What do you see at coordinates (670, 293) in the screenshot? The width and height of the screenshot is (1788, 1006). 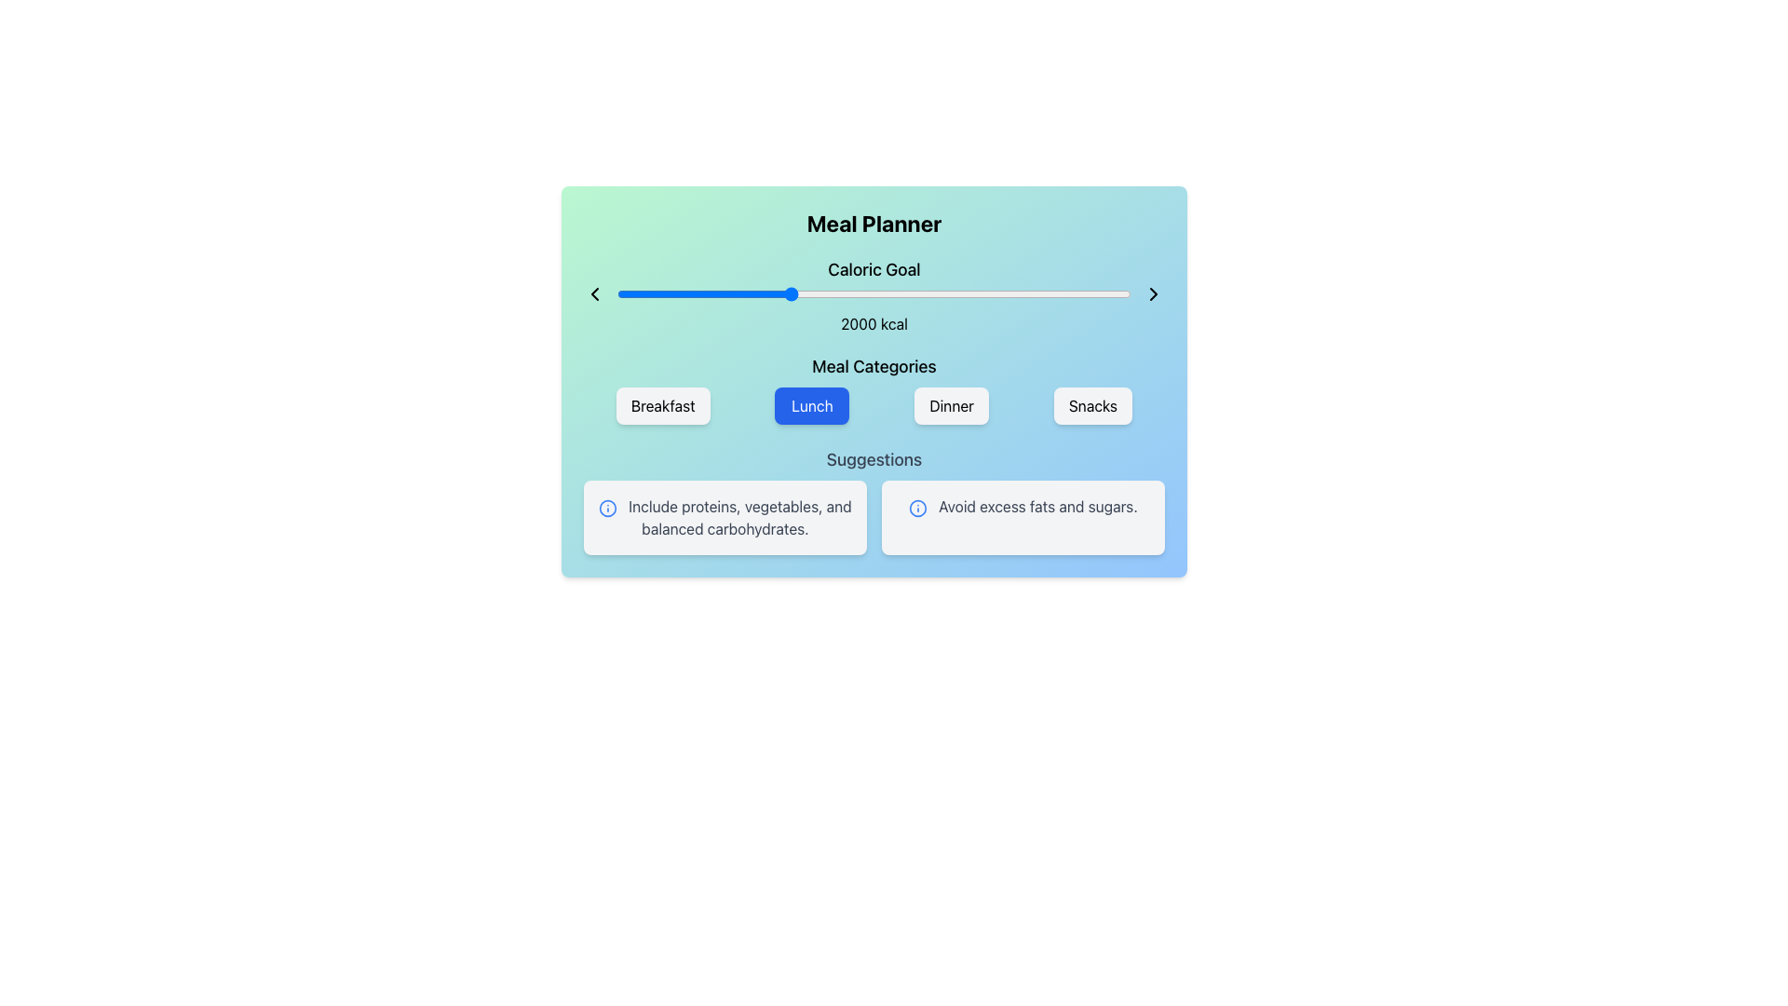 I see `caloric goal` at bounding box center [670, 293].